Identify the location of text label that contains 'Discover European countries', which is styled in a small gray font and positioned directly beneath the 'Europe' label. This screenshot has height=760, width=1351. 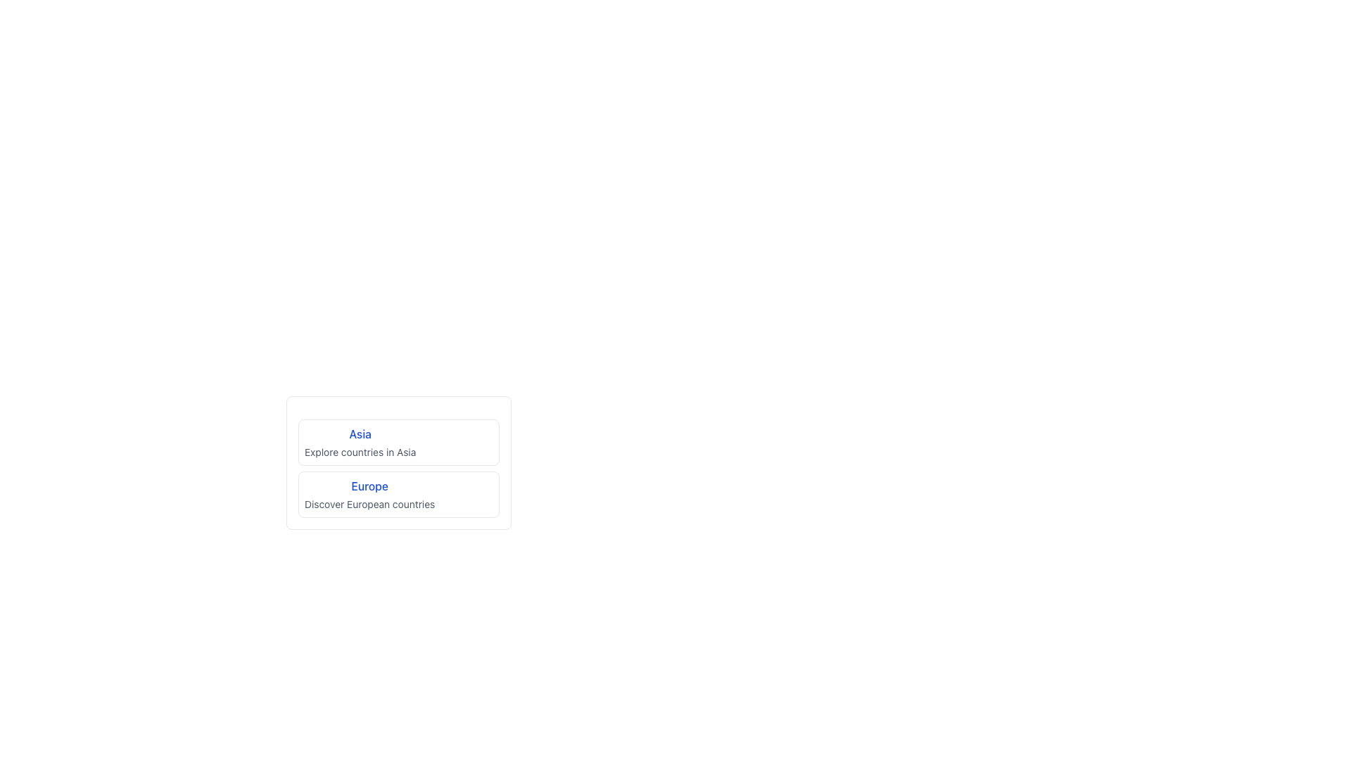
(369, 504).